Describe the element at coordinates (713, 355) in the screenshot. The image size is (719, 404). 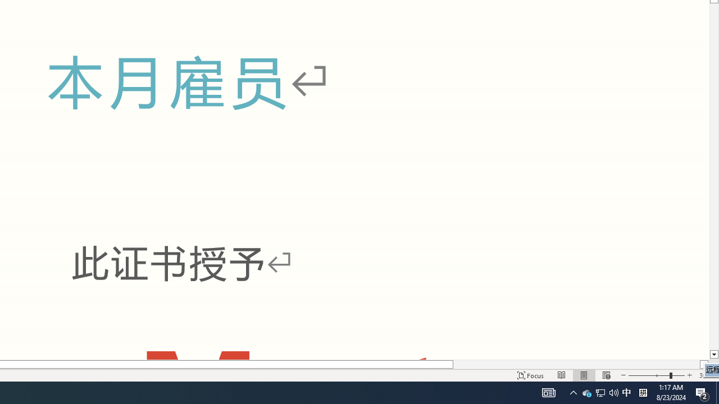
I see `'Line down'` at that location.